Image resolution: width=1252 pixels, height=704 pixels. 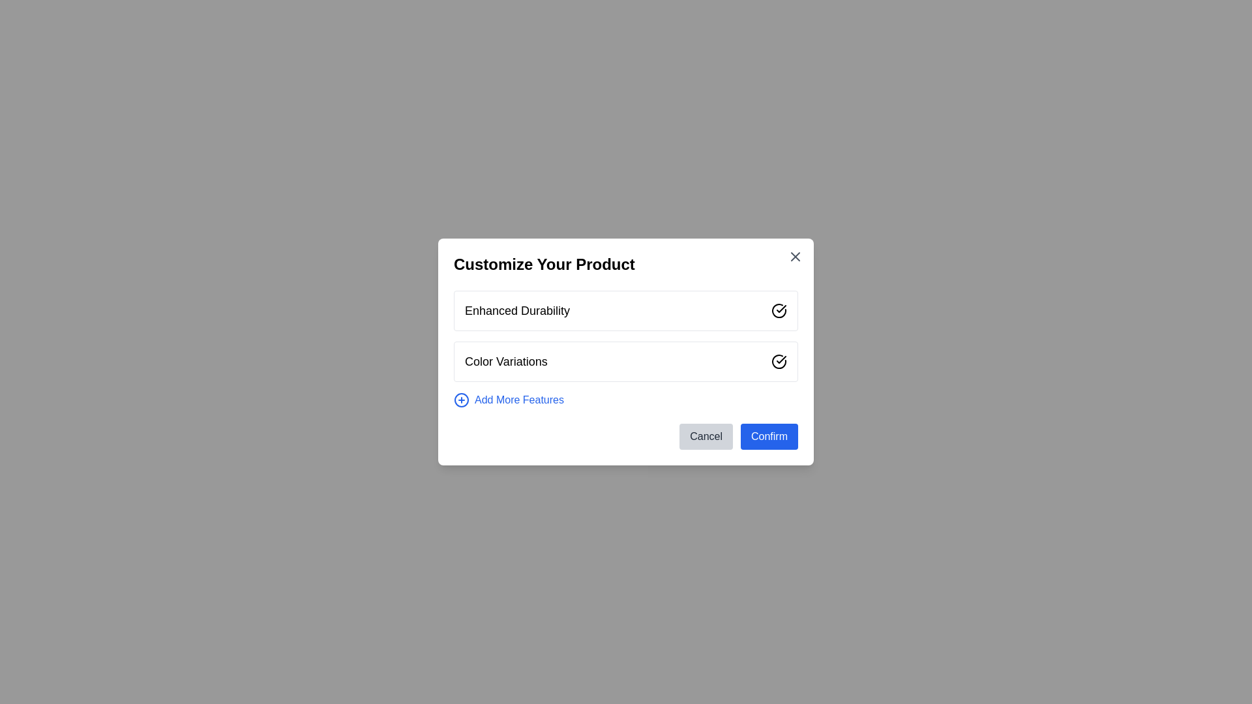 What do you see at coordinates (505, 362) in the screenshot?
I see `the descriptive text label for color variations located in the 'Customize Your Product' modal dialog, below the 'Enhanced Durability' feature label` at bounding box center [505, 362].